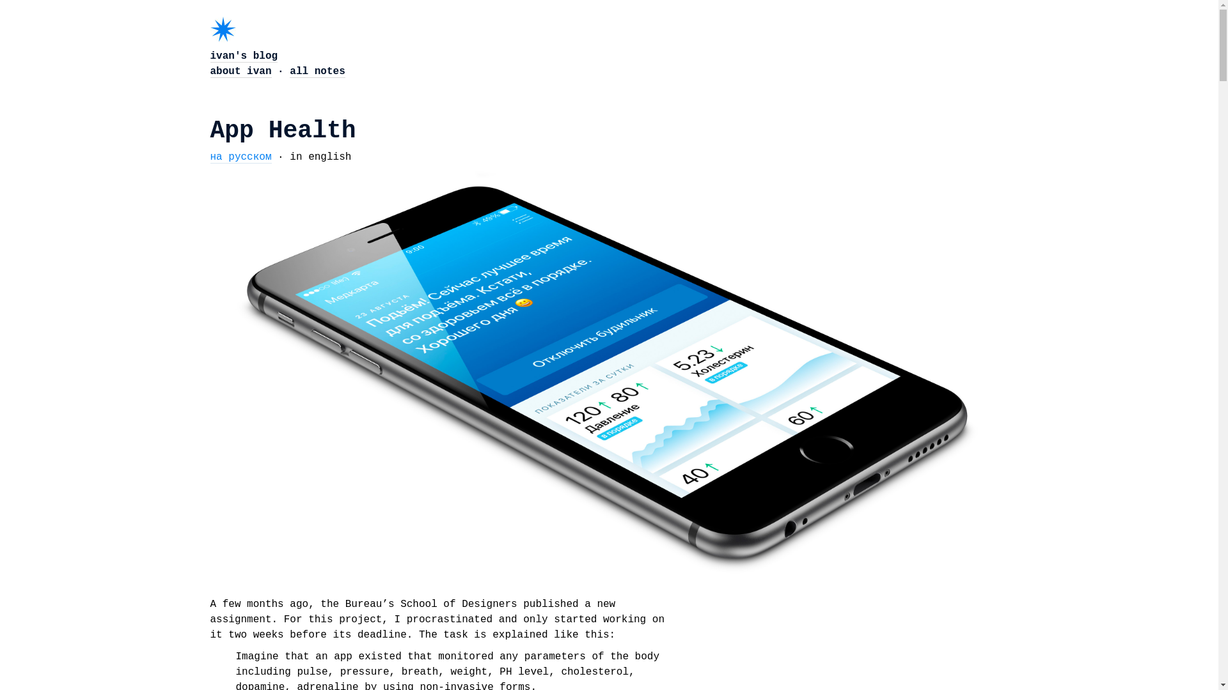 The image size is (1228, 690). Describe the element at coordinates (209, 56) in the screenshot. I see `'ivan's blog'` at that location.